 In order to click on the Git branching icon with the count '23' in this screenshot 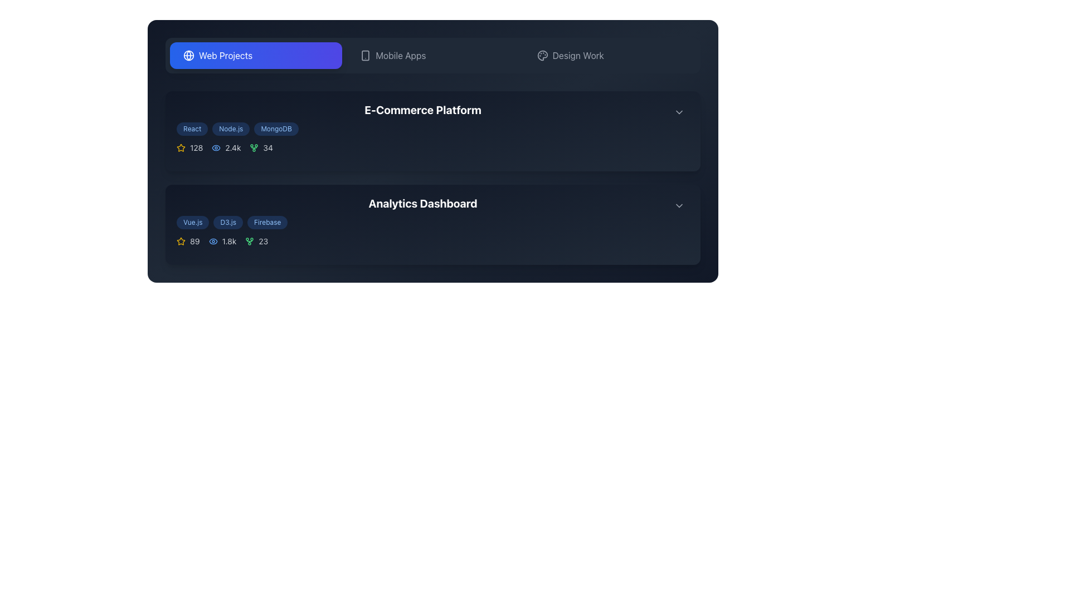, I will do `click(256, 241)`.